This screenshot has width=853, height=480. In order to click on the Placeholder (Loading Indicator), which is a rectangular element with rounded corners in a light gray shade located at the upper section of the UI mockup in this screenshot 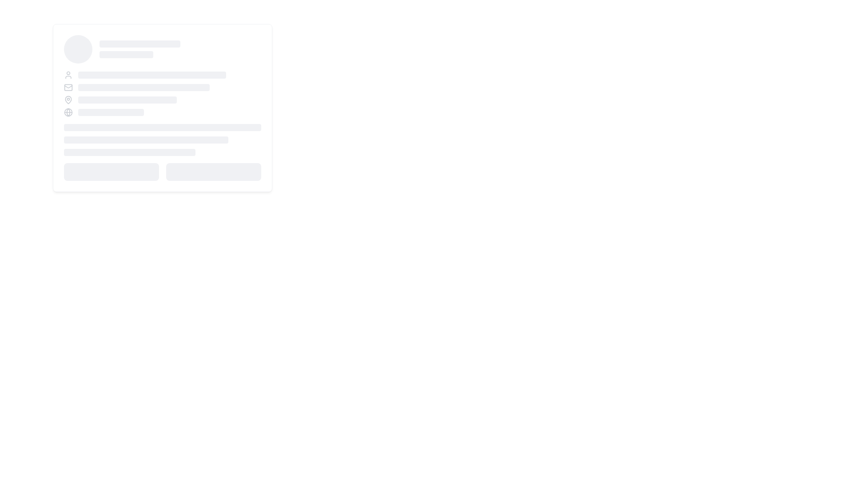, I will do `click(140, 44)`.